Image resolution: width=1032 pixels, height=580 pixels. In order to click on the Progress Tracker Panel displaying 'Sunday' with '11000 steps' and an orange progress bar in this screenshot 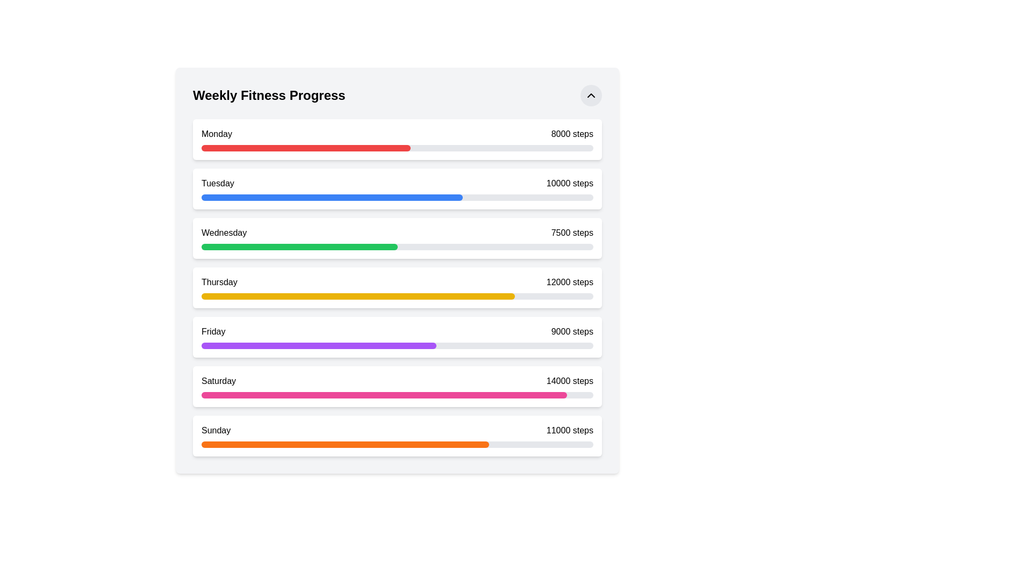, I will do `click(397, 436)`.